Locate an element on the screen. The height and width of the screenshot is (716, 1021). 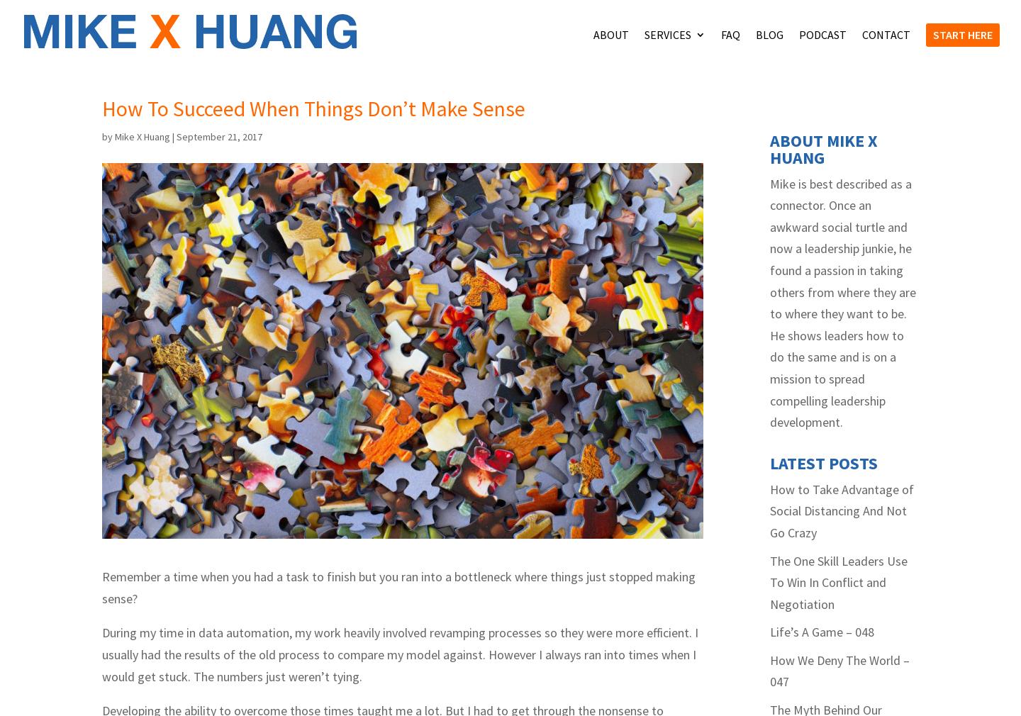
'Case Study' is located at coordinates (701, 93).